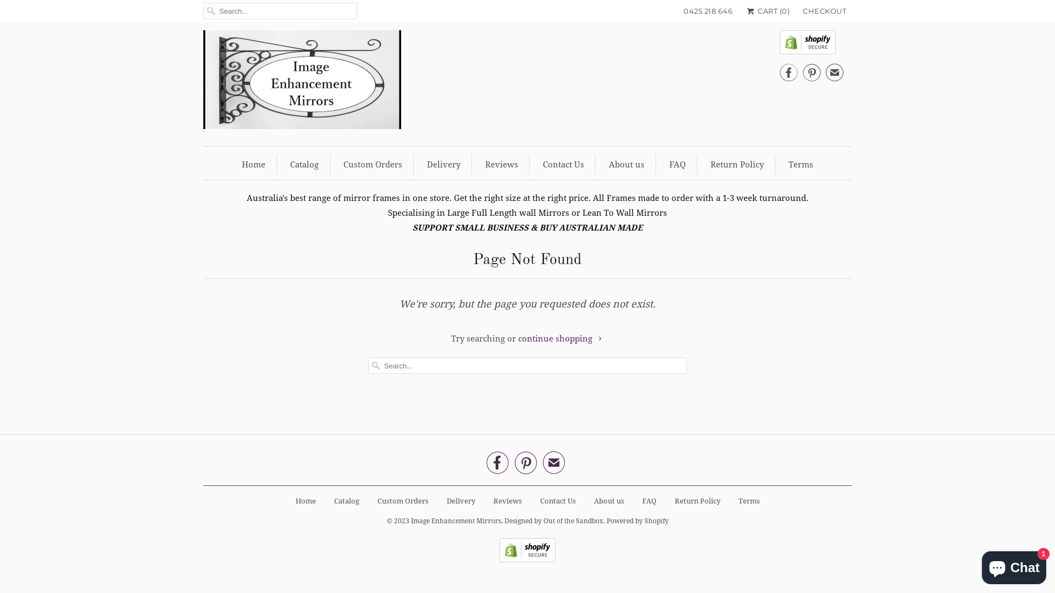 Image resolution: width=1055 pixels, height=593 pixels. Describe the element at coordinates (626, 165) in the screenshot. I see `'About us'` at that location.